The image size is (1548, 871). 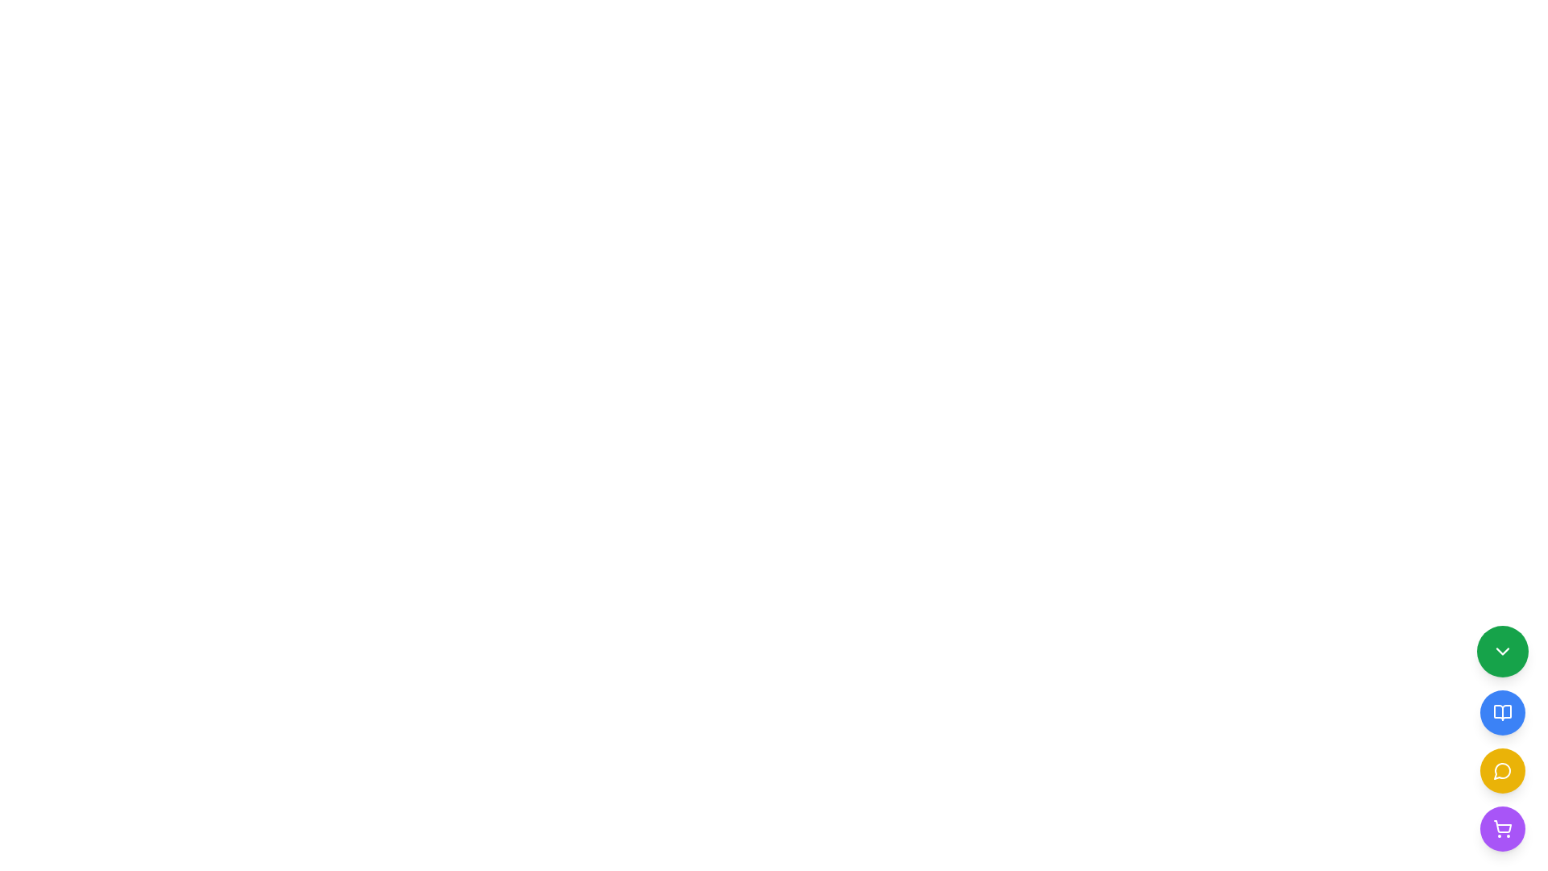 What do you see at coordinates (1501, 650) in the screenshot?
I see `the icon located at the center of the green circular button at the top of the vertical stack of buttons` at bounding box center [1501, 650].